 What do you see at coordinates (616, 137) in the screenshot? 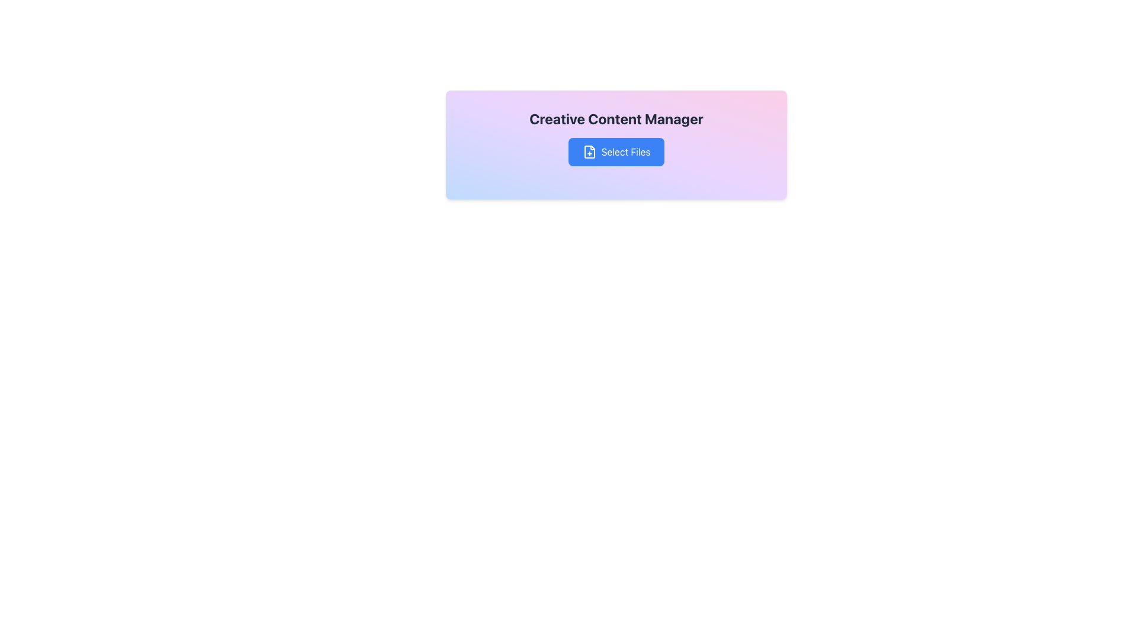
I see `the button in the 'Creative Content Manager' section` at bounding box center [616, 137].